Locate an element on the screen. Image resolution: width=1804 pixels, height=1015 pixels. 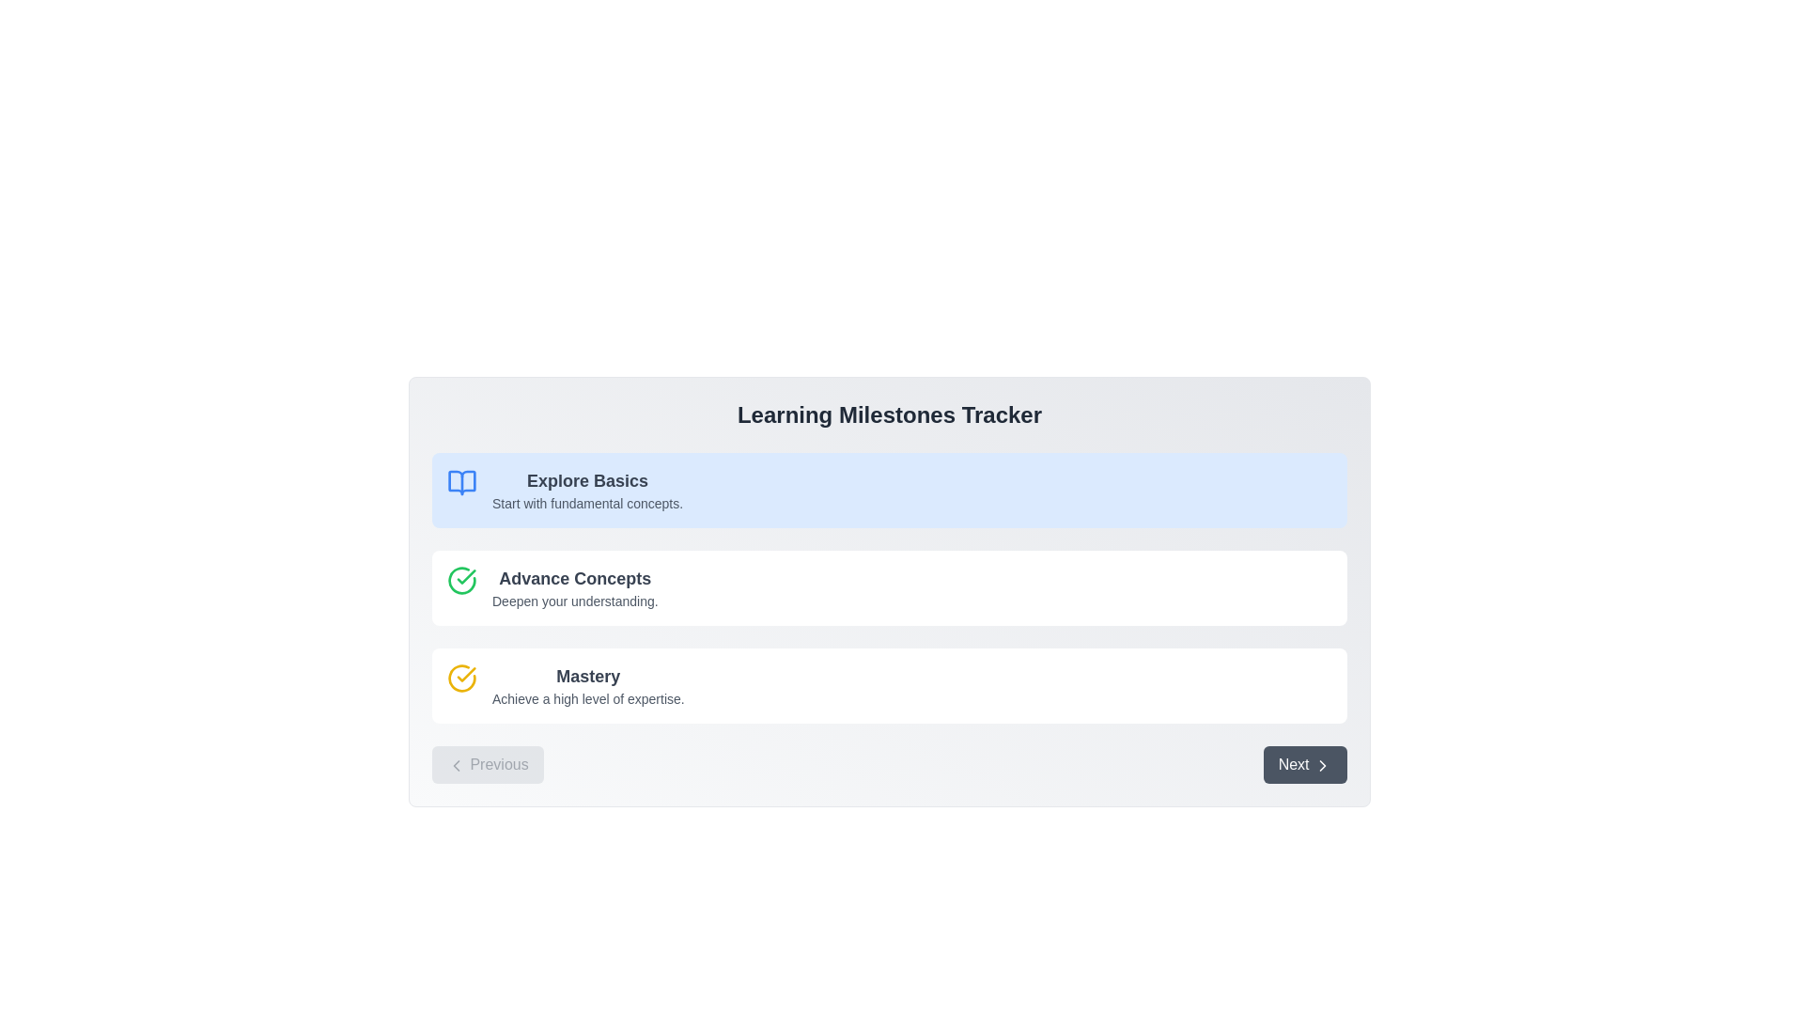
the Text Label that provides a concise explanation related to the 'Mastery' milestone, located directly below the 'Mastery' heading in the 'Learning Milestones Tracker.' is located at coordinates (587, 699).